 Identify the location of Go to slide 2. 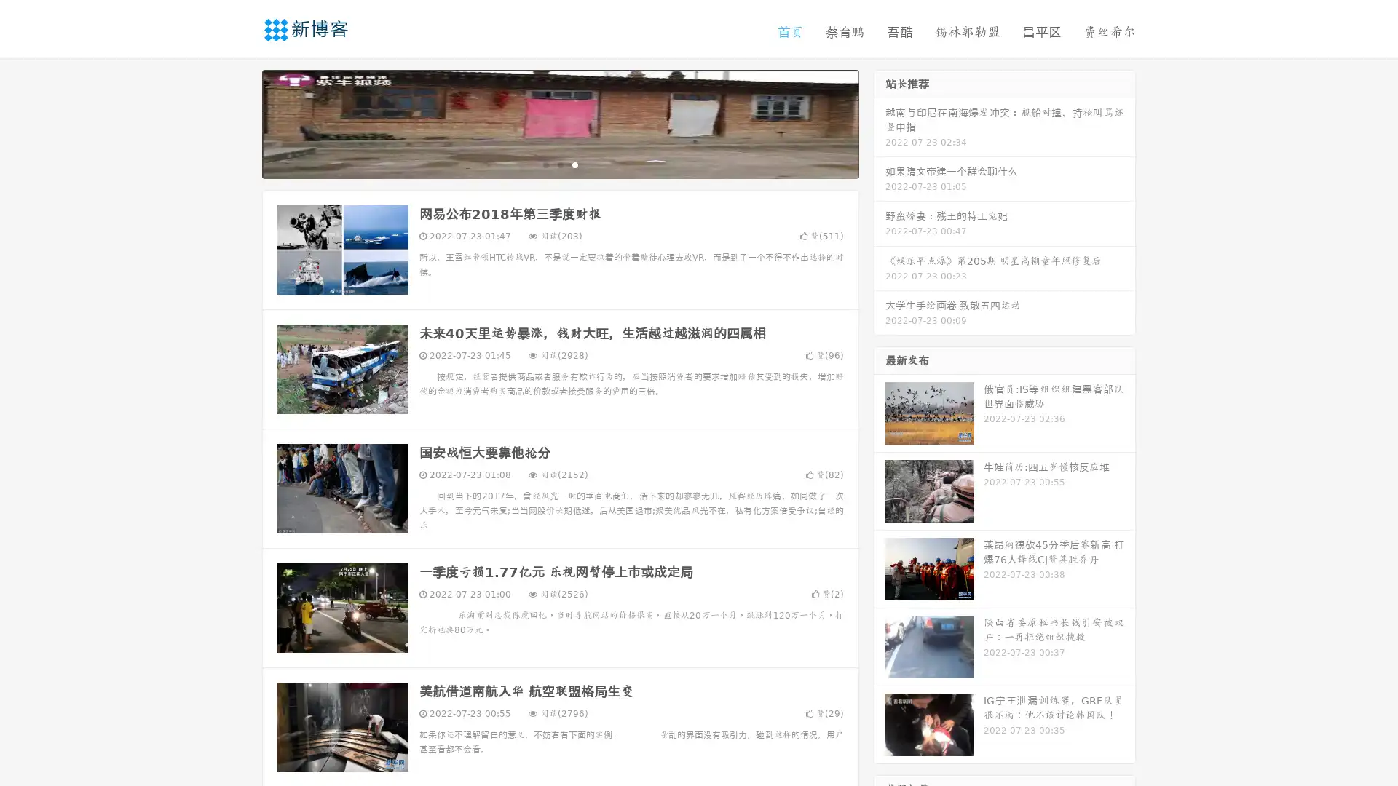
(559, 164).